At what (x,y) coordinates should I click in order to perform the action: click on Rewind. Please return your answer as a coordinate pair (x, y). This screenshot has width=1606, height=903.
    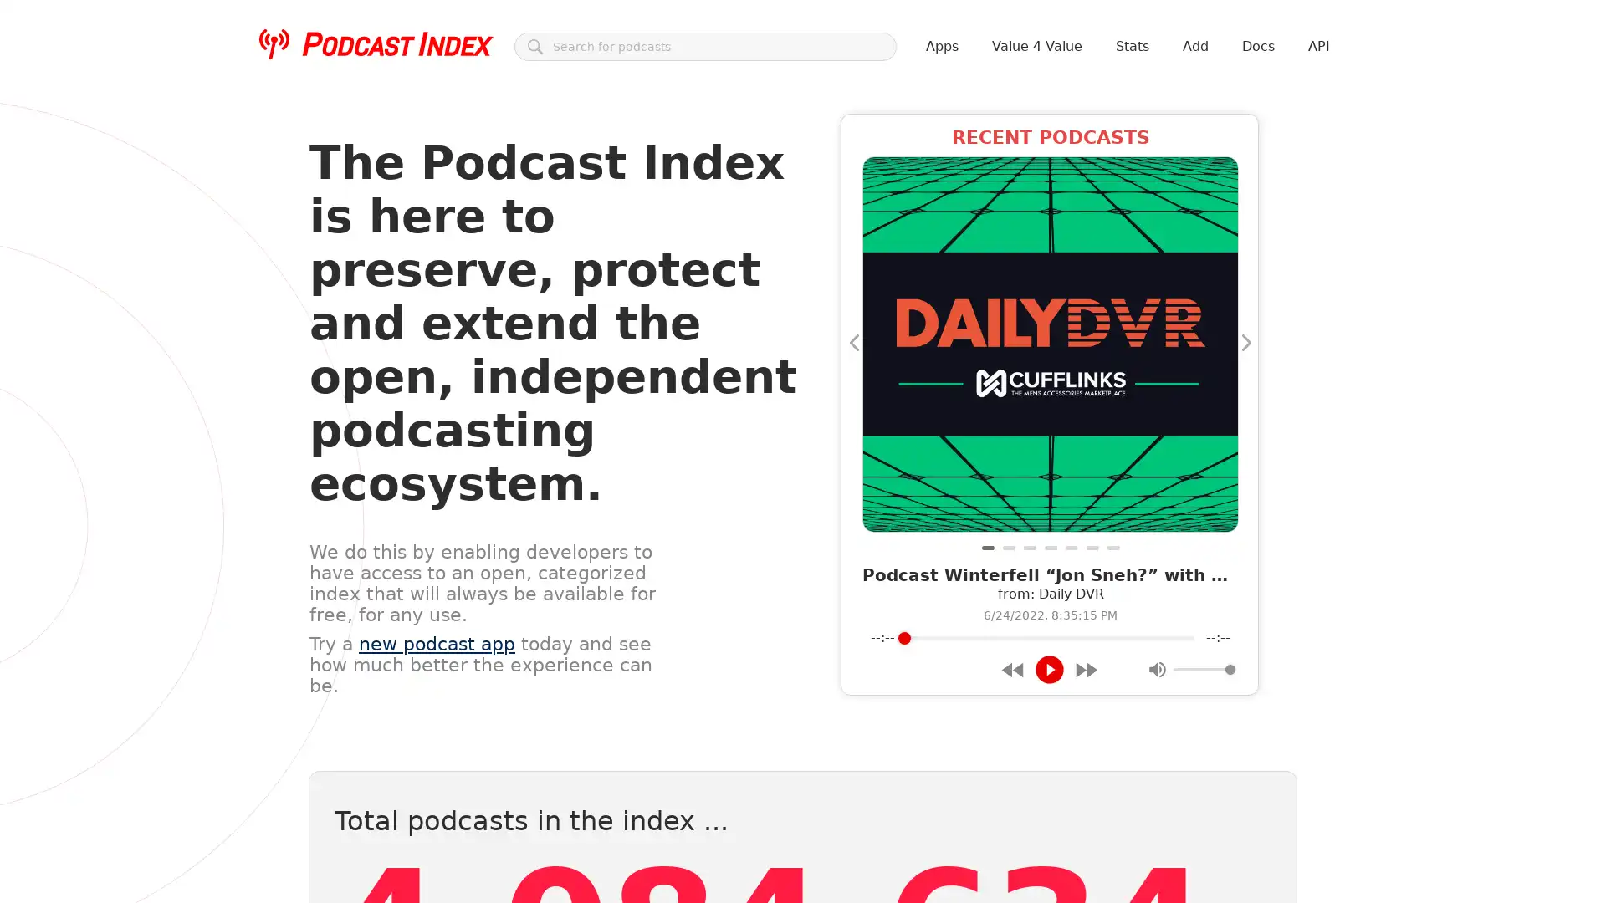
    Looking at the image, I should click on (1012, 668).